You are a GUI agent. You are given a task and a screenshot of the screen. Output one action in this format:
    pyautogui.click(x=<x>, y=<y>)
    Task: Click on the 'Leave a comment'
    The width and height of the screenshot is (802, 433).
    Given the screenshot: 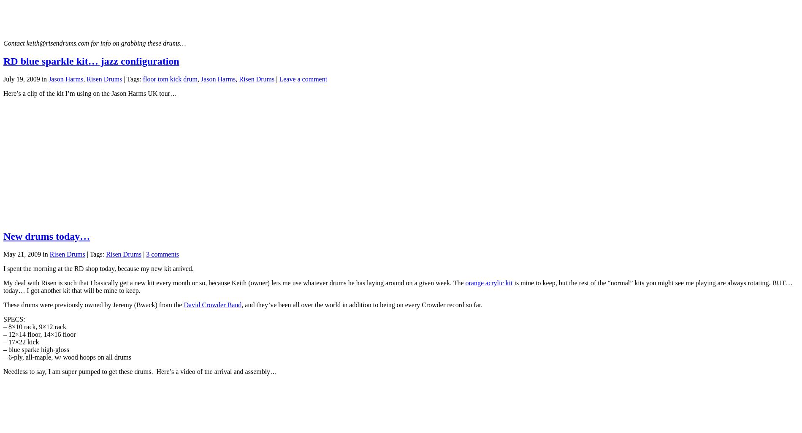 What is the action you would take?
    pyautogui.click(x=279, y=78)
    